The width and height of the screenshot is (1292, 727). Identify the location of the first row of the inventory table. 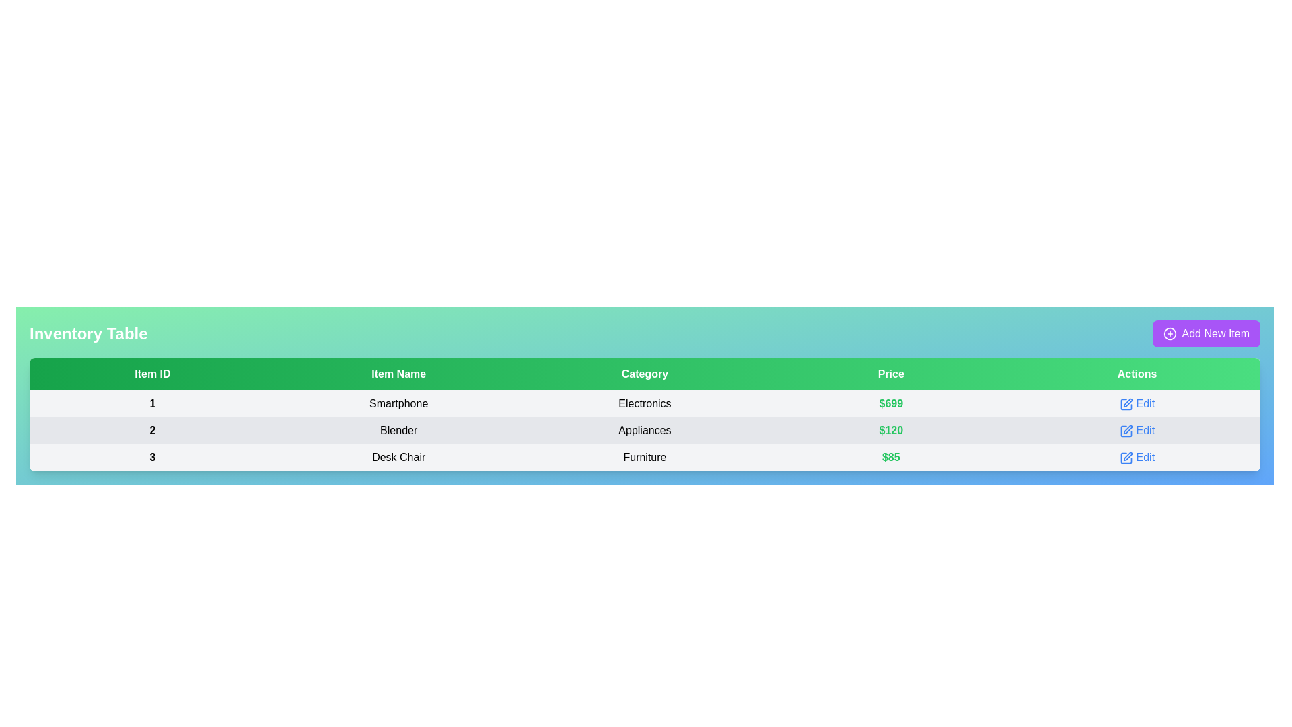
(644, 403).